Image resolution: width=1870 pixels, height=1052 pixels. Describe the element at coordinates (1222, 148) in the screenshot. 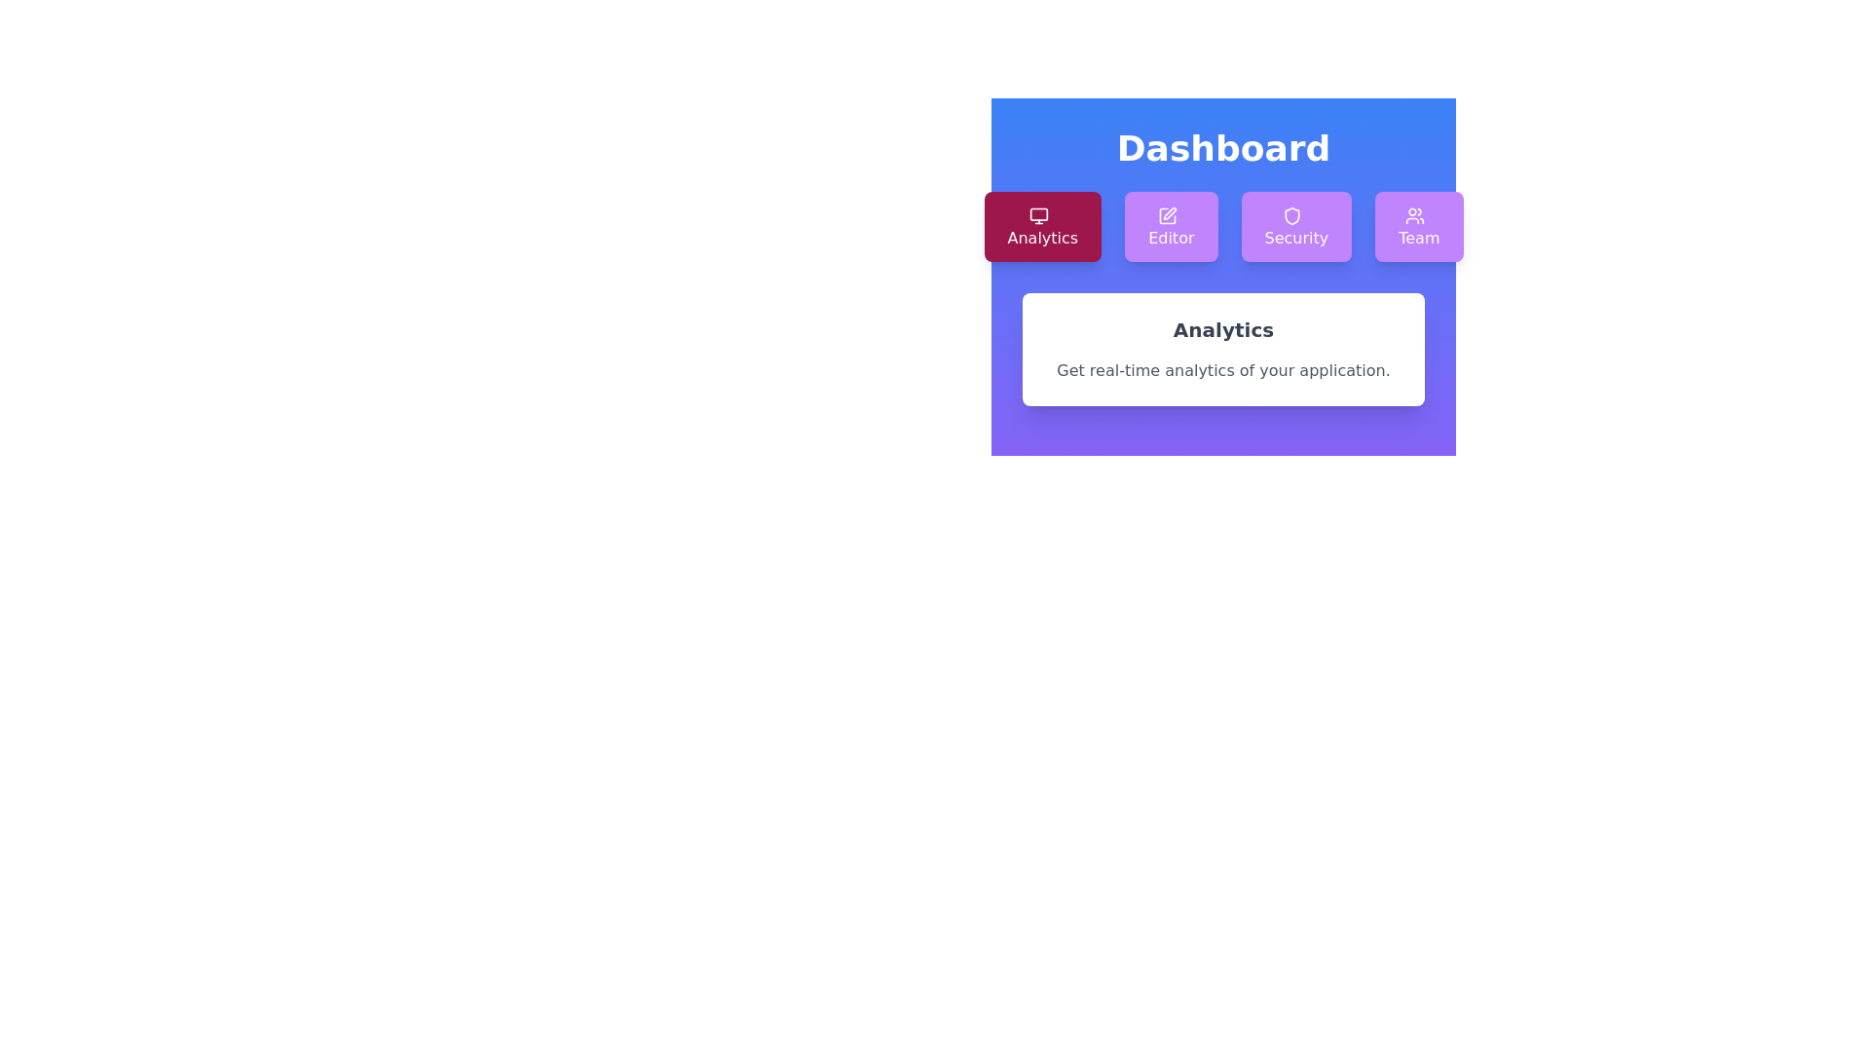

I see `the header text 'Dashboard'` at that location.